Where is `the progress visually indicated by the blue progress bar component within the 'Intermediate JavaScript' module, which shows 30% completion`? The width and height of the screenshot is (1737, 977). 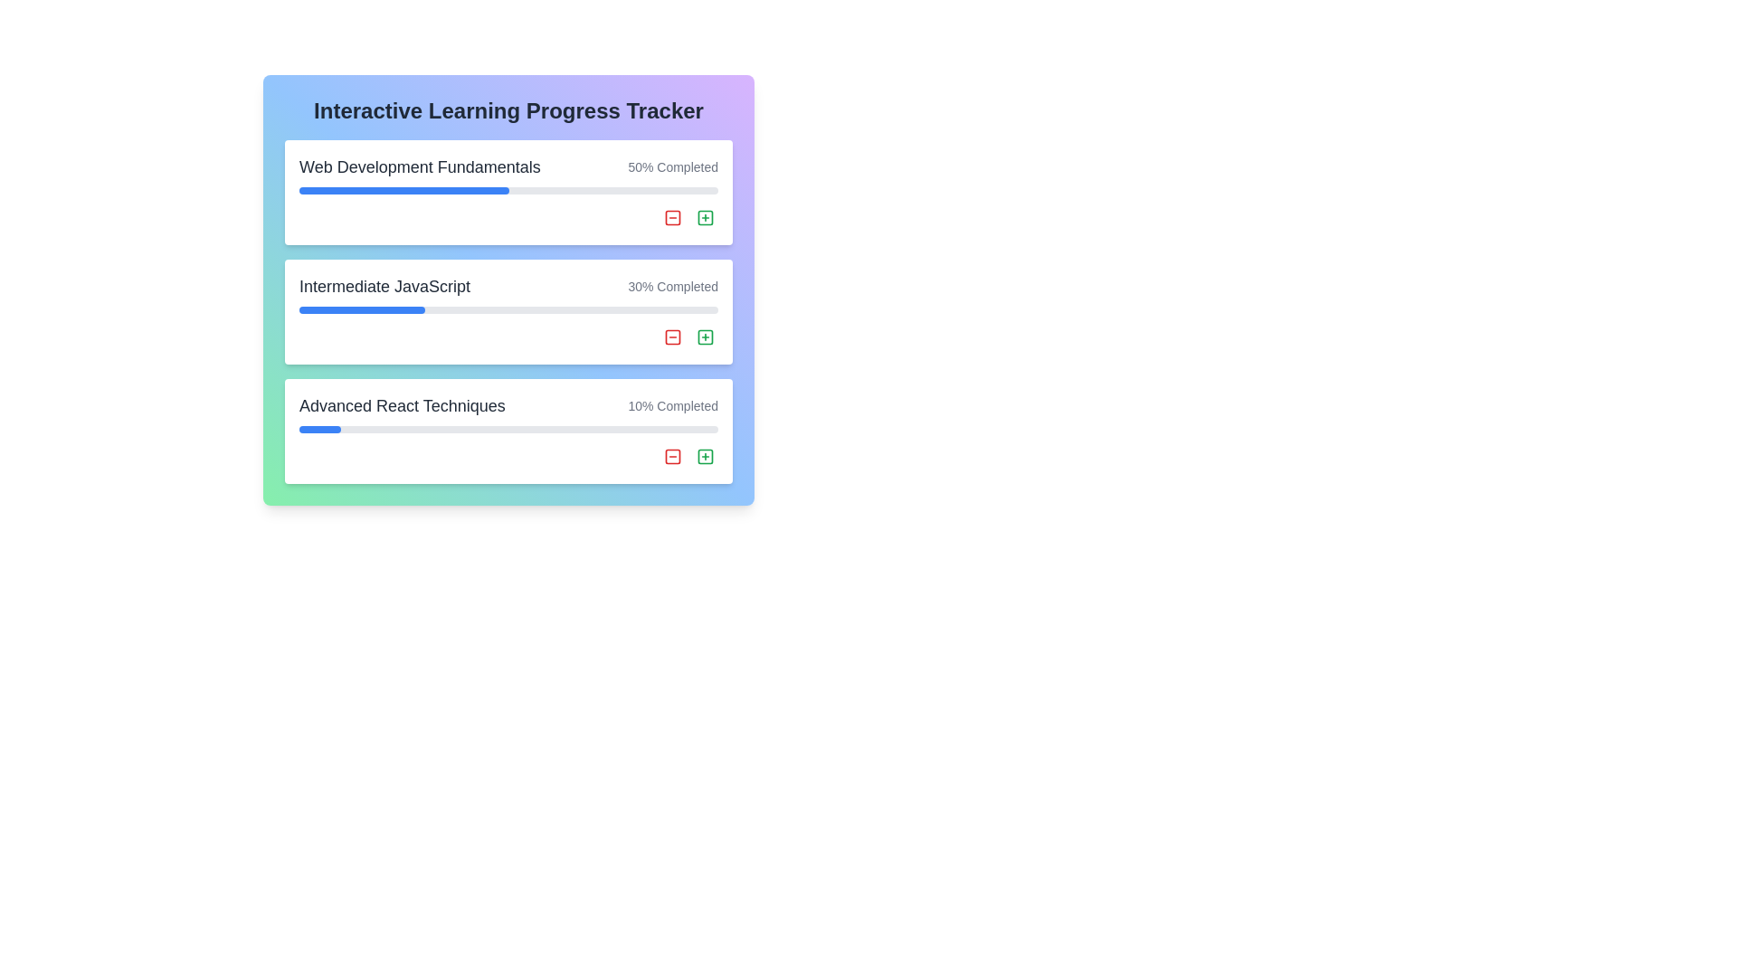 the progress visually indicated by the blue progress bar component within the 'Intermediate JavaScript' module, which shows 30% completion is located at coordinates (362, 309).